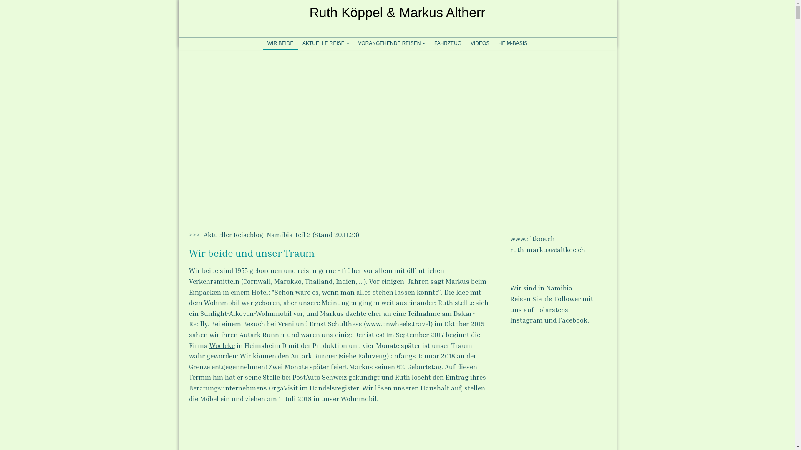  Describe the element at coordinates (391, 43) in the screenshot. I see `'VORANGEHENDE REISEN'` at that location.